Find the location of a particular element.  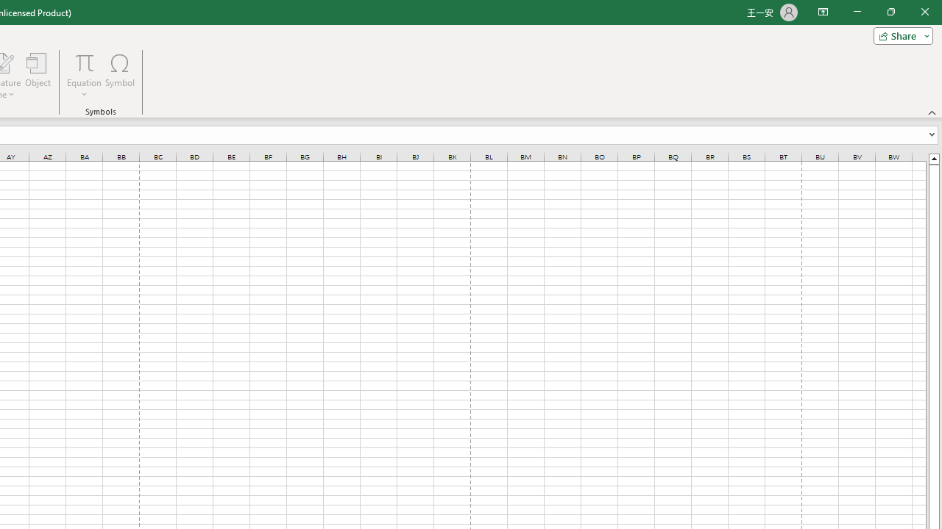

'Restore Down' is located at coordinates (890, 12).